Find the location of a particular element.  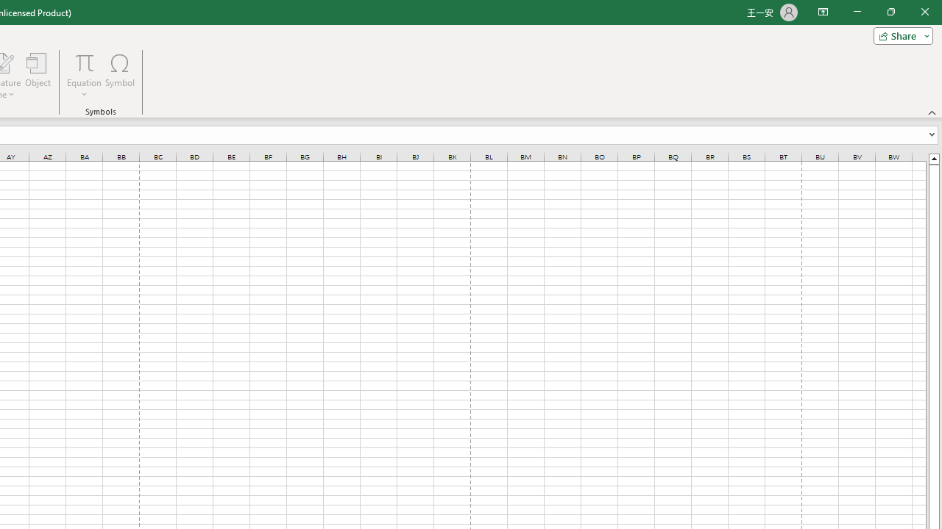

'Restore Down' is located at coordinates (890, 12).